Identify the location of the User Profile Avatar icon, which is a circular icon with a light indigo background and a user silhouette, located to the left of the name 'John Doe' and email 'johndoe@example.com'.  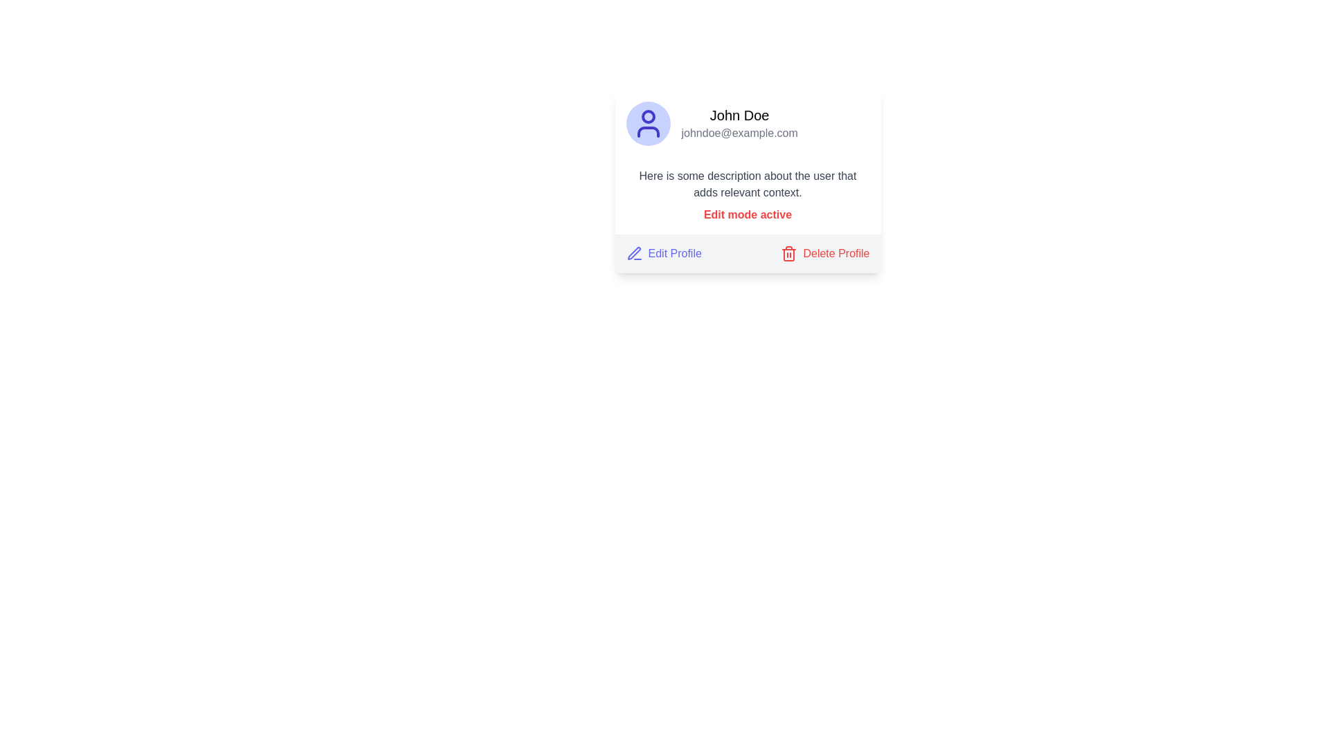
(647, 122).